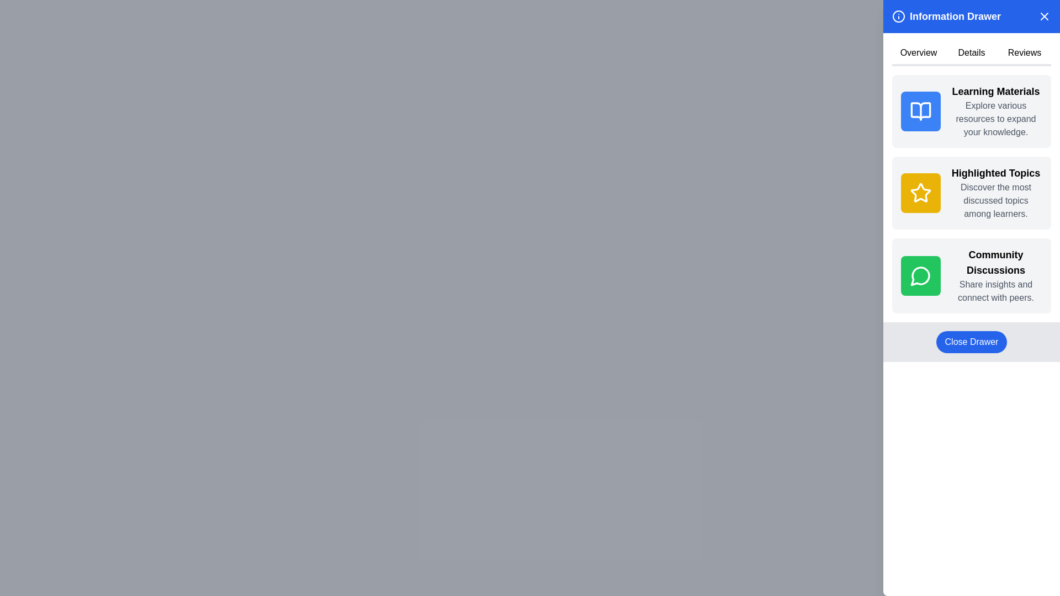 This screenshot has width=1060, height=596. I want to click on the appearance of the circular speech bubble icon outlined in green located at the top-left corner of the 'Community Discussions' card, so click(921, 275).